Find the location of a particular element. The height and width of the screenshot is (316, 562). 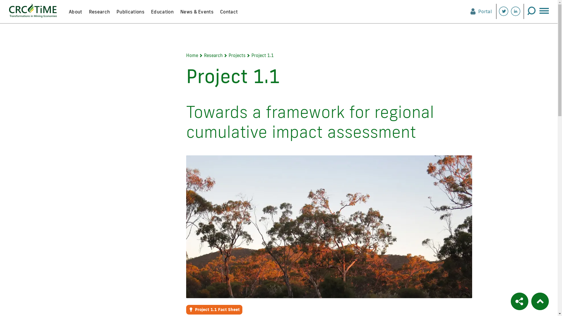

'Back to Top' is located at coordinates (539, 301).